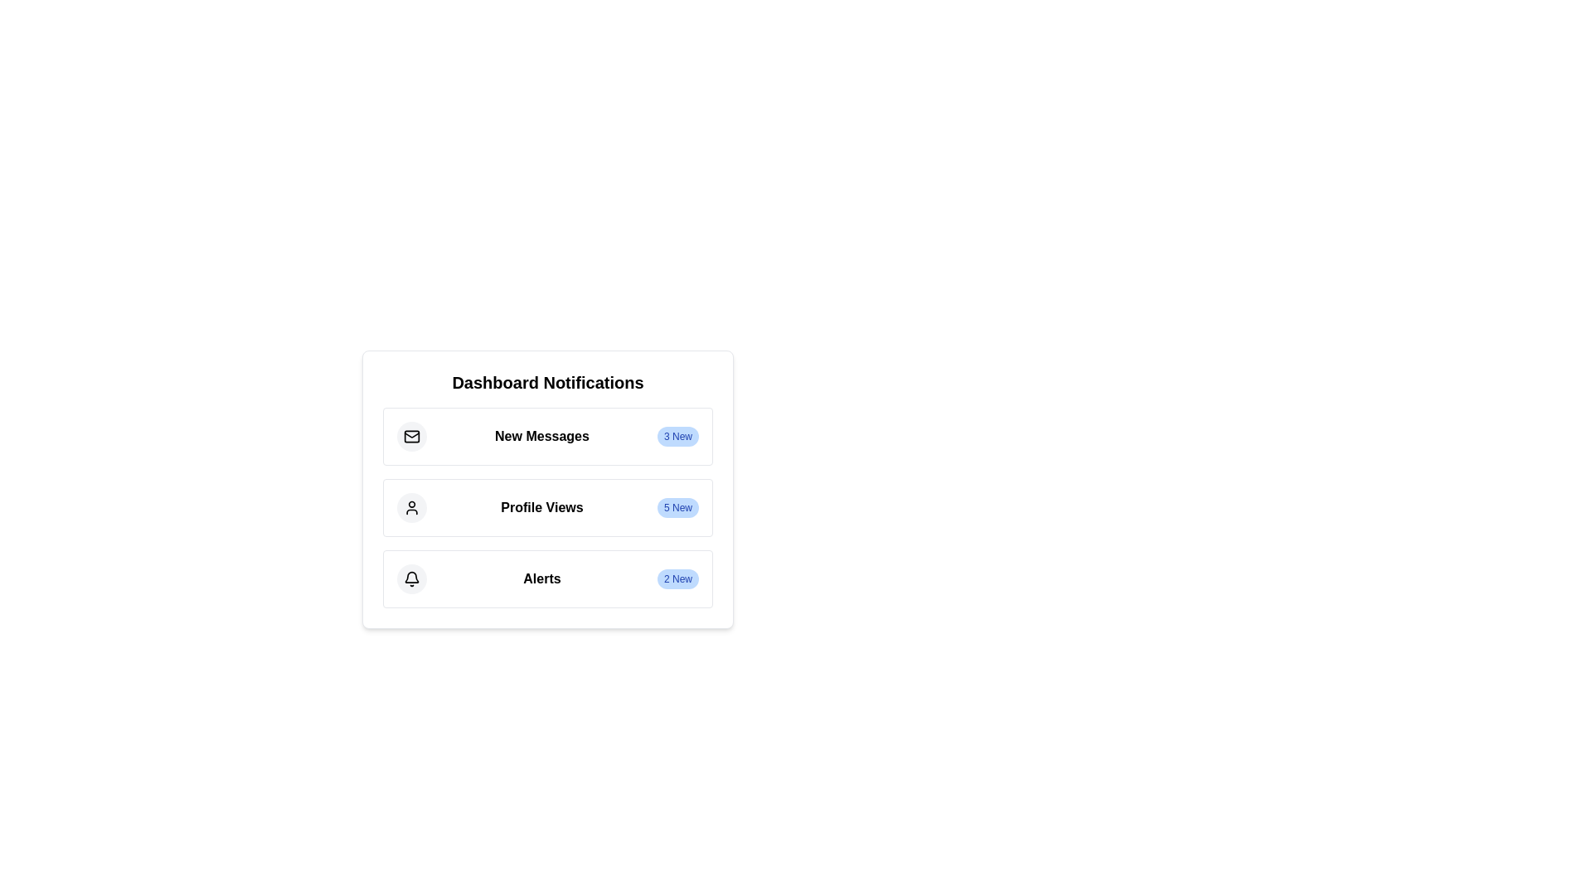 The height and width of the screenshot is (895, 1592). I want to click on the status indicator label that displays the number of new items related to 'Profile Views', located on the right side of the 'Profile Views' text in the 'Dashboard Notifications' section, so click(677, 507).